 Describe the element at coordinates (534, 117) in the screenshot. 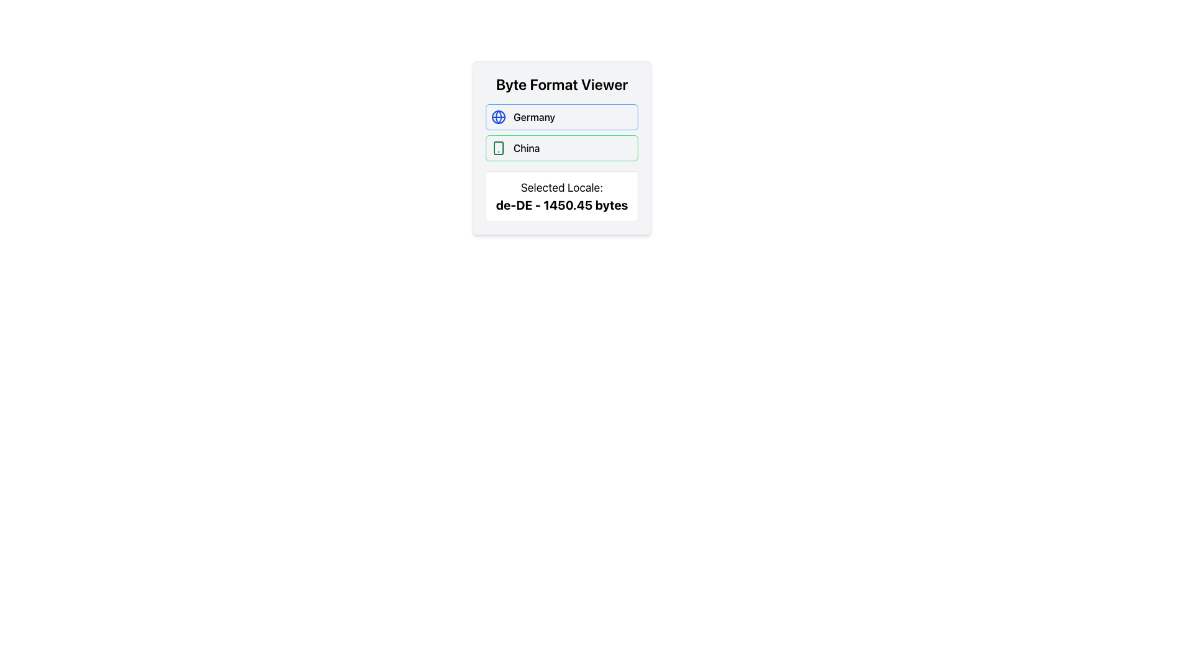

I see `the label indicating the country as 'Germany', which is positioned to the right of a globe icon in the first selection option of a vertical list` at that location.